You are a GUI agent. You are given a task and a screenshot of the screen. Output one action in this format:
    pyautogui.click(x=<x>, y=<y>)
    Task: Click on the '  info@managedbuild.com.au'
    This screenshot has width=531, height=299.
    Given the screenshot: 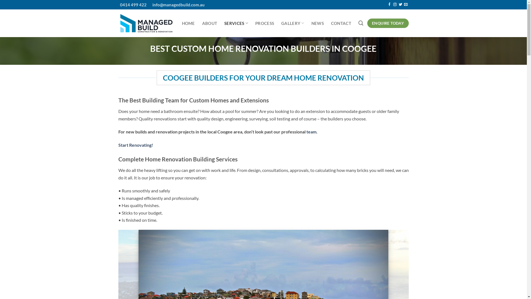 What is the action you would take?
    pyautogui.click(x=175, y=4)
    